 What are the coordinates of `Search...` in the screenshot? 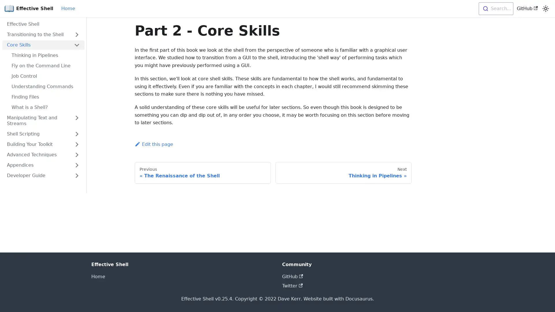 It's located at (495, 9).